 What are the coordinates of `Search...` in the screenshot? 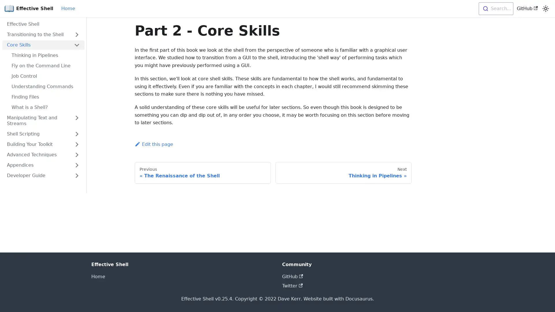 It's located at (495, 9).